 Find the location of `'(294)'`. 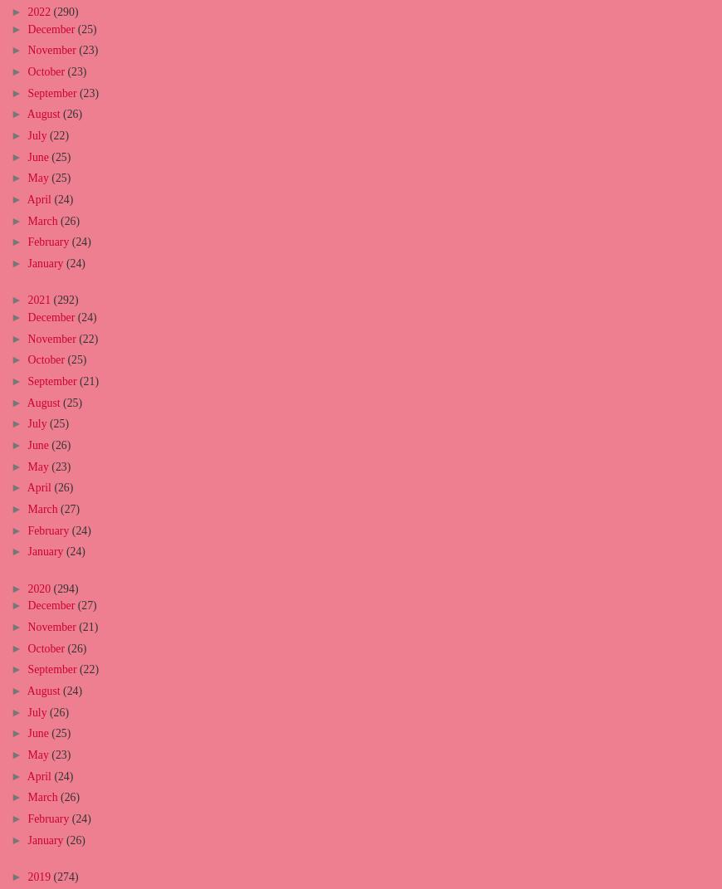

'(294)' is located at coordinates (64, 588).